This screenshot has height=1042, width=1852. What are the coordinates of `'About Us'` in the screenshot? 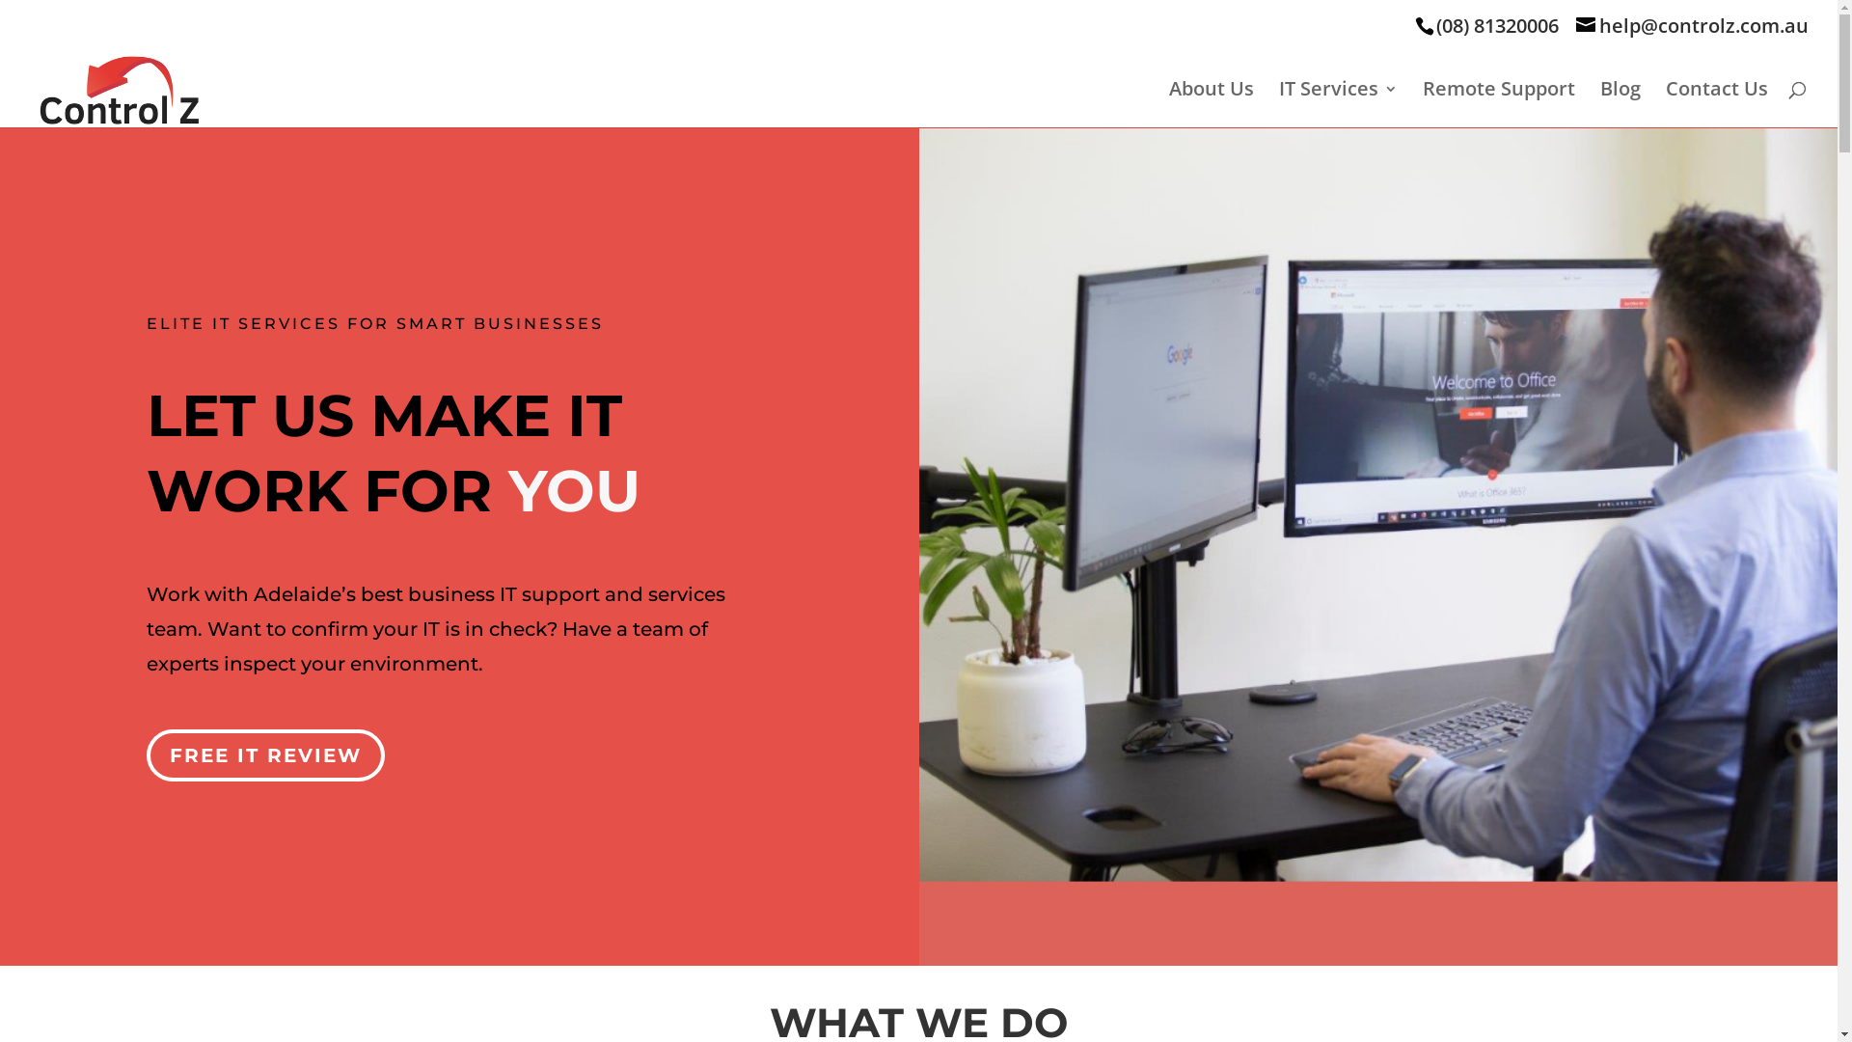 It's located at (1211, 104).